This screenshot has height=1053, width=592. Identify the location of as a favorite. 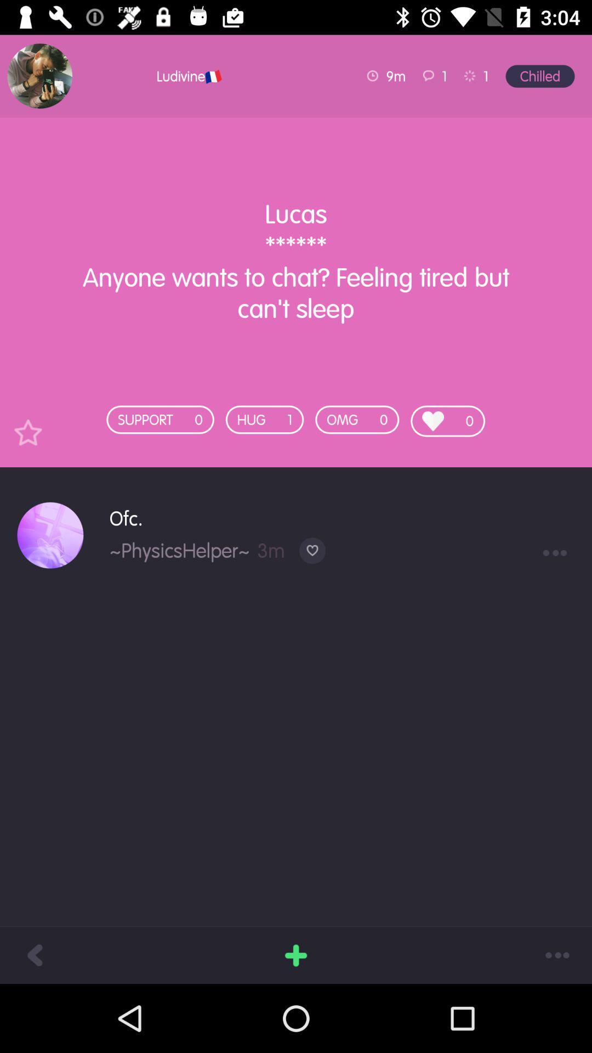
(27, 432).